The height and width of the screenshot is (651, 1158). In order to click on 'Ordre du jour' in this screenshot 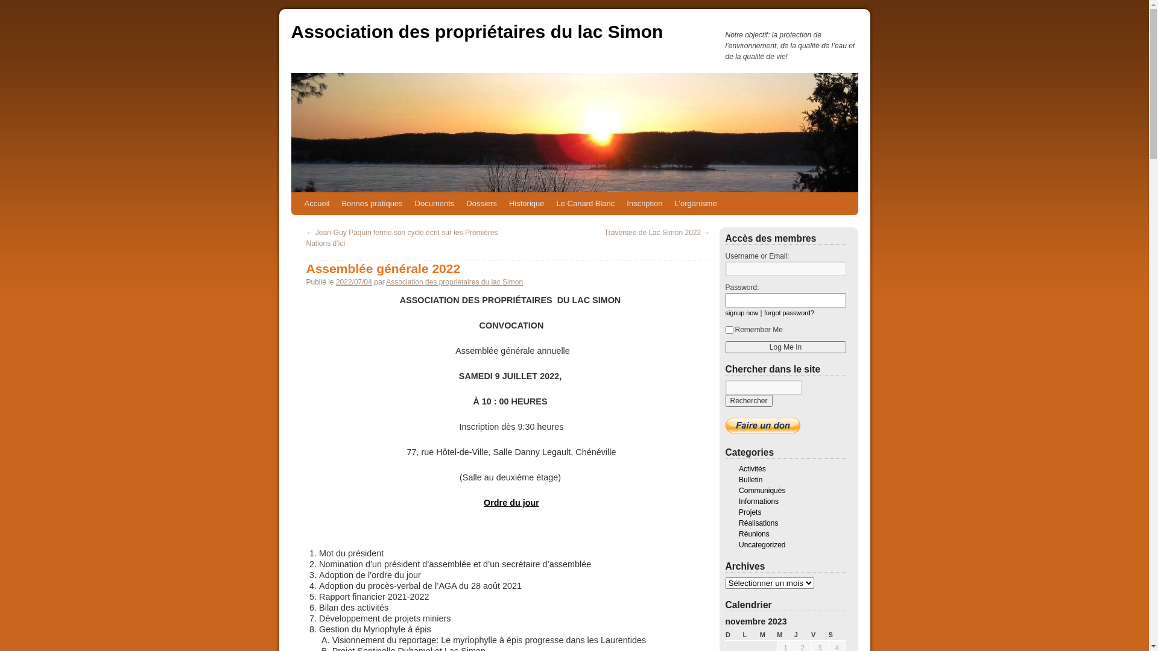, I will do `click(511, 502)`.